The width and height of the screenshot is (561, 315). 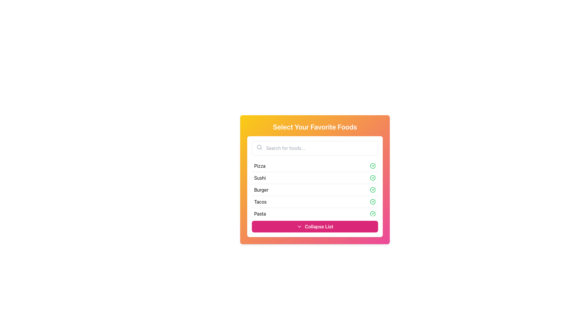 What do you see at coordinates (261, 190) in the screenshot?
I see `text label positioned as the third item in the vertical list of food names within the 'Select Your Favorite Foods' dialog, located between 'Sushi' and 'Tacos'` at bounding box center [261, 190].